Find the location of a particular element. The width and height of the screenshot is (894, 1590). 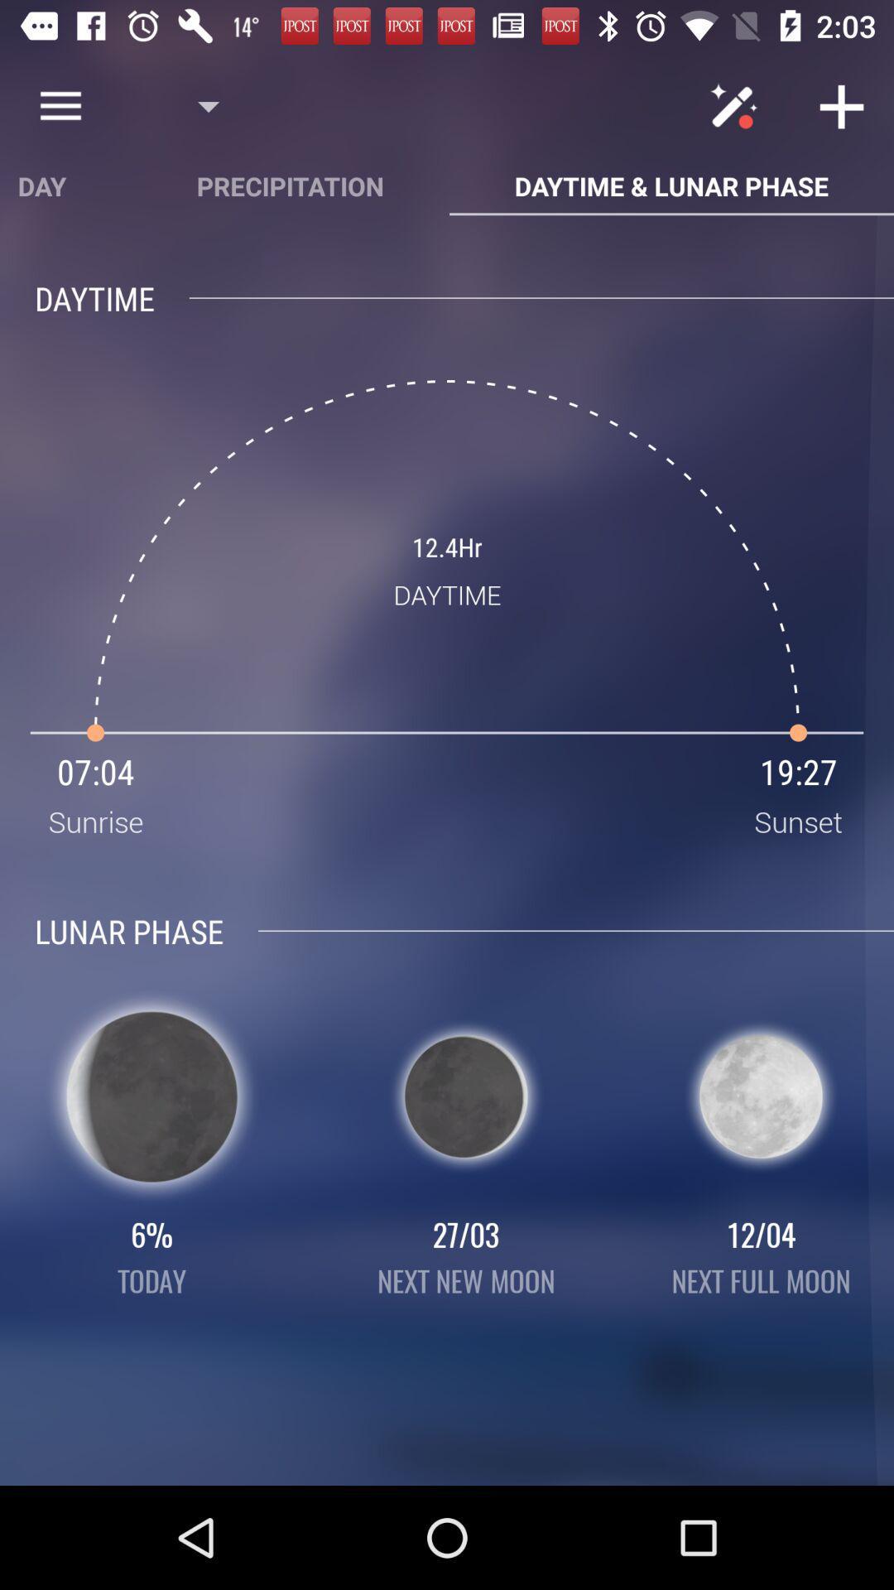

the text precipitation is located at coordinates (290, 185).